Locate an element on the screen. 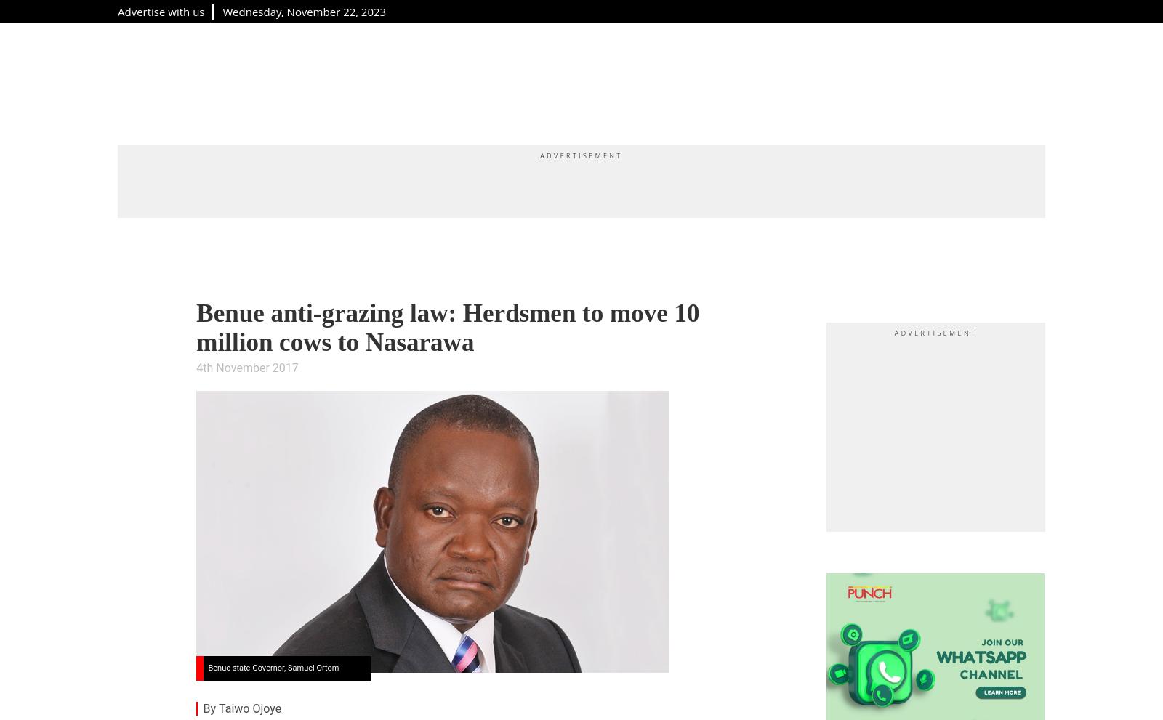 Image resolution: width=1163 pixels, height=720 pixels. 'Most Widely Read Newspaper' is located at coordinates (589, 55).